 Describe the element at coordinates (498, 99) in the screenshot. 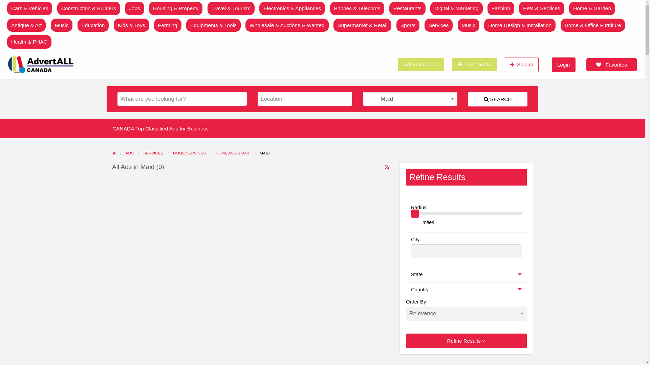

I see `'SEARCH'` at that location.